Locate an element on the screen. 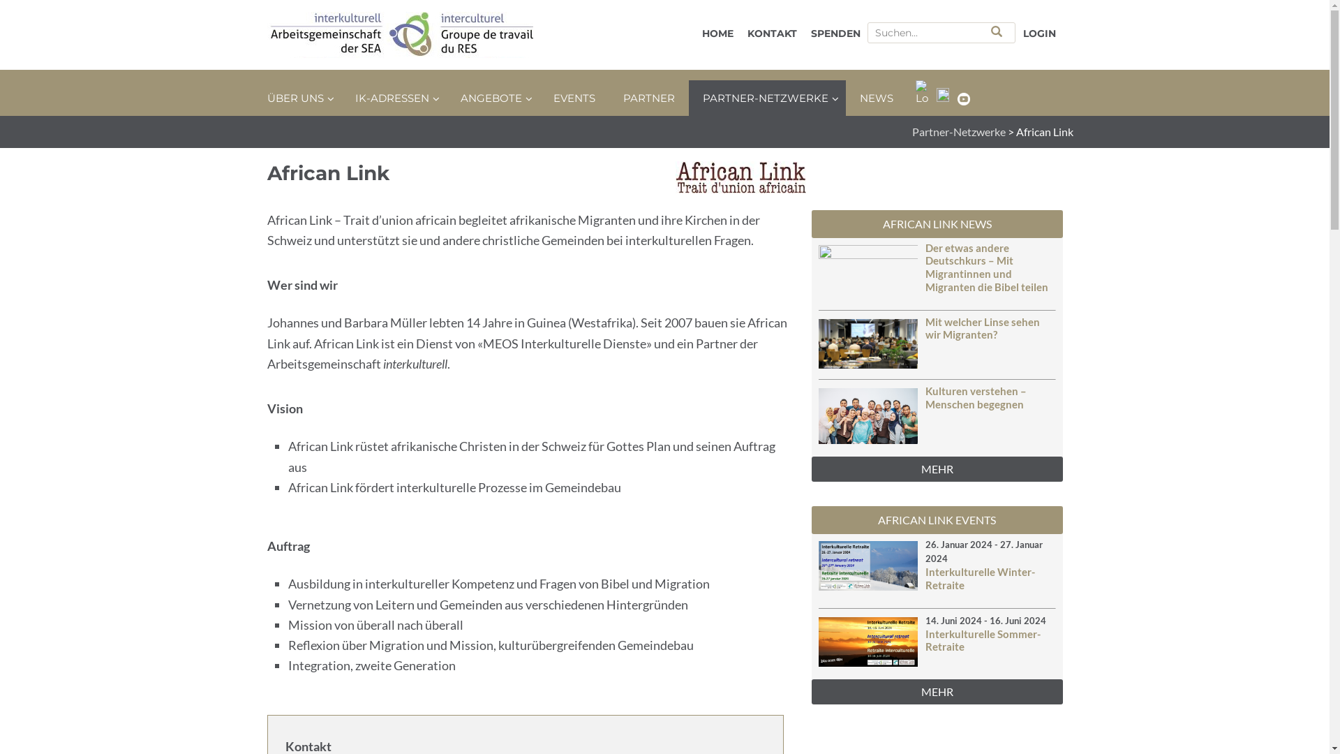 This screenshot has height=754, width=1340. 'HOME' is located at coordinates (717, 32).